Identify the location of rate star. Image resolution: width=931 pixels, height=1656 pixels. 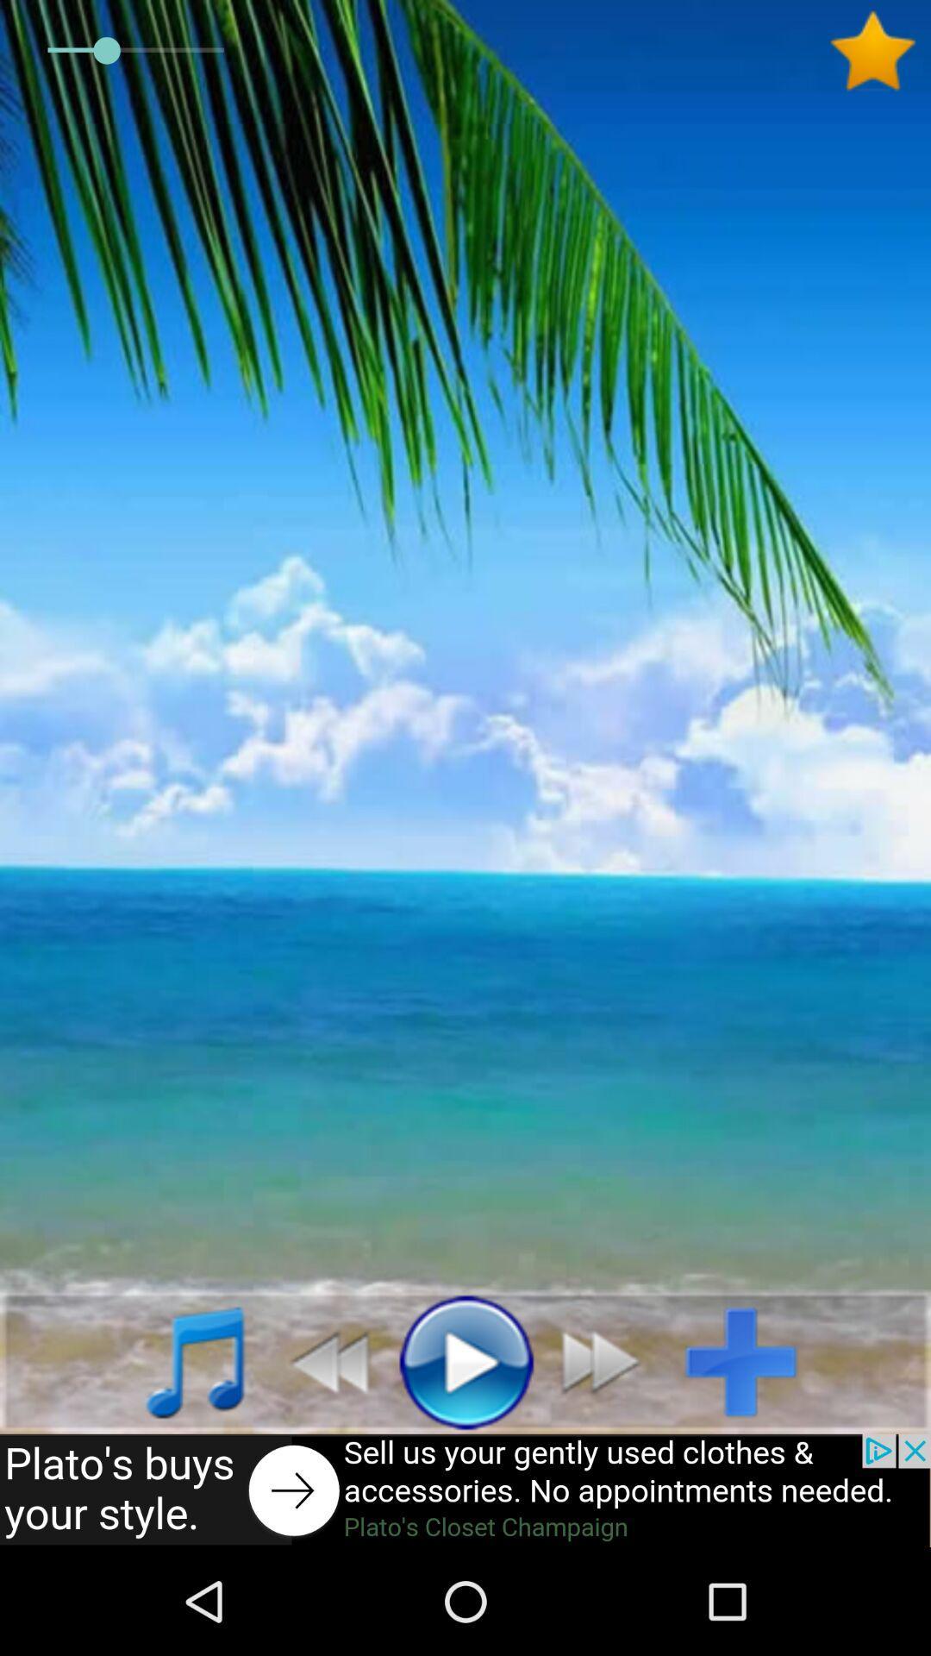
(879, 51).